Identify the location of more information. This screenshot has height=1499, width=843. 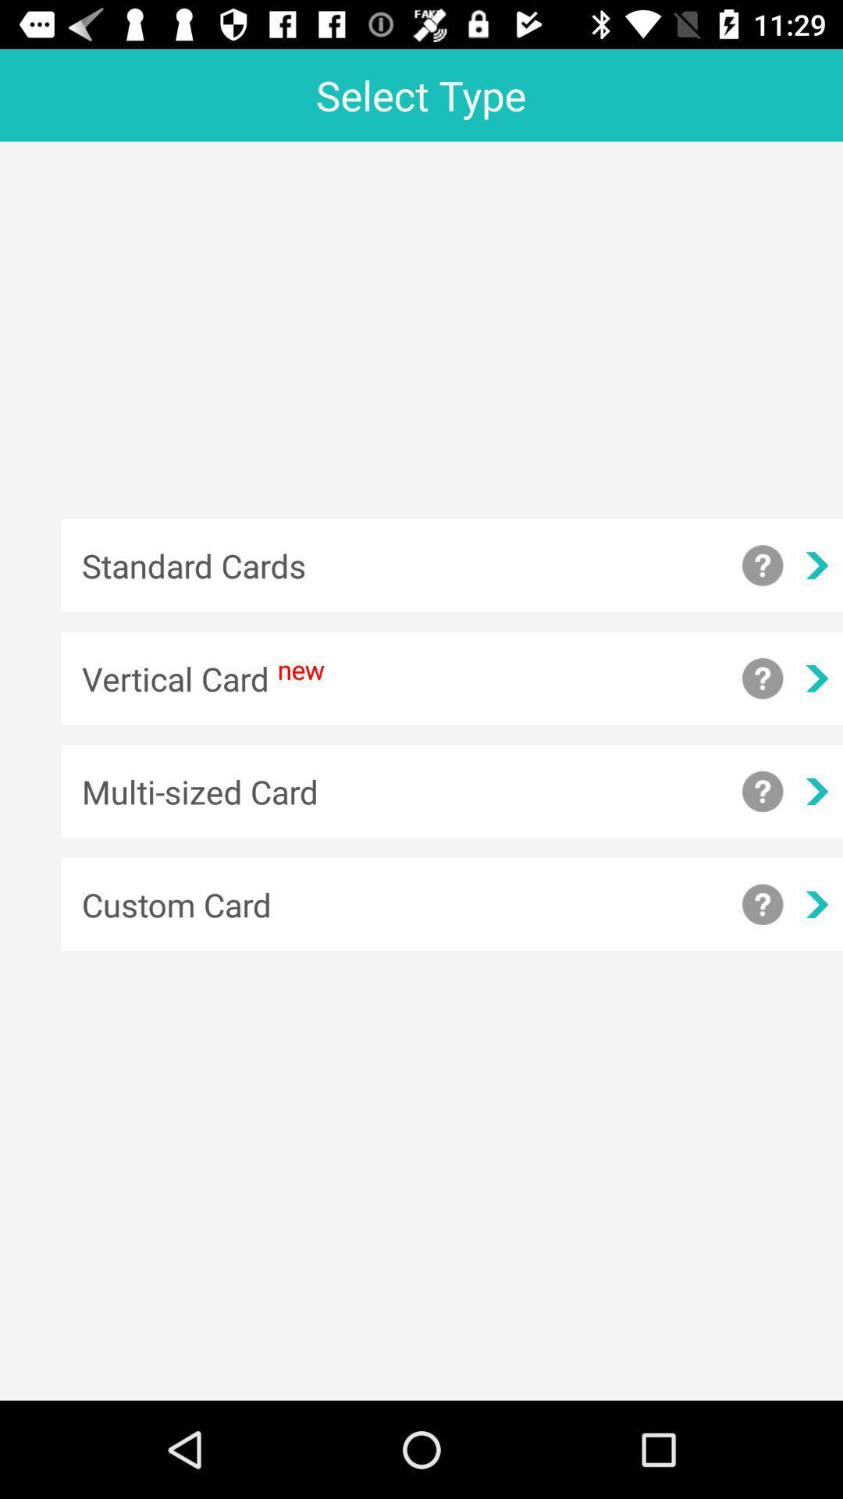
(762, 791).